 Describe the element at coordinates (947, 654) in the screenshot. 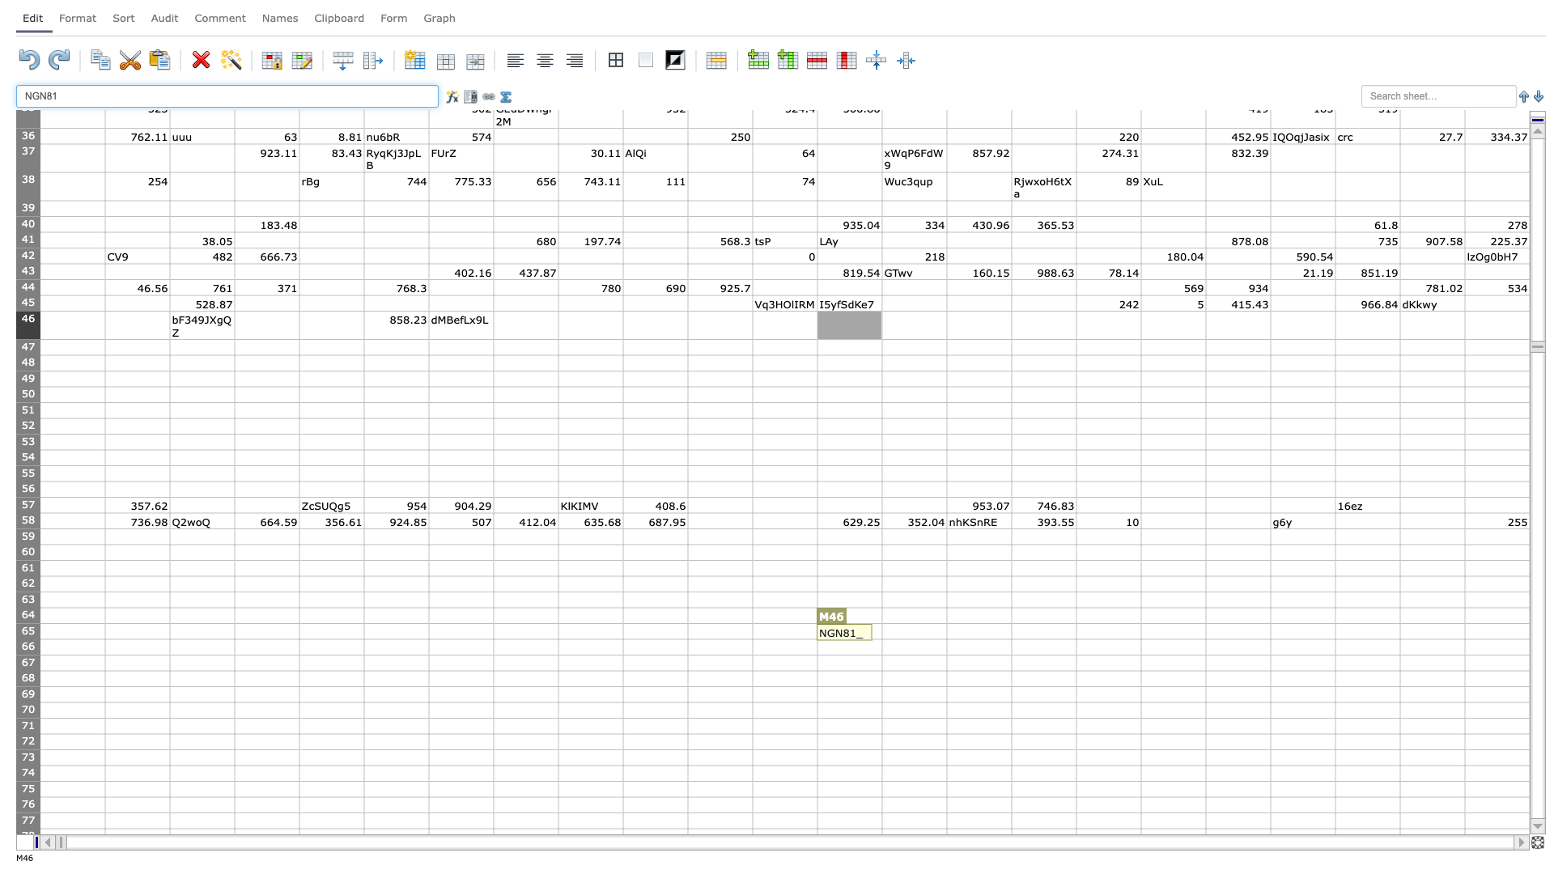

I see `Southeast corner of cell N66` at that location.